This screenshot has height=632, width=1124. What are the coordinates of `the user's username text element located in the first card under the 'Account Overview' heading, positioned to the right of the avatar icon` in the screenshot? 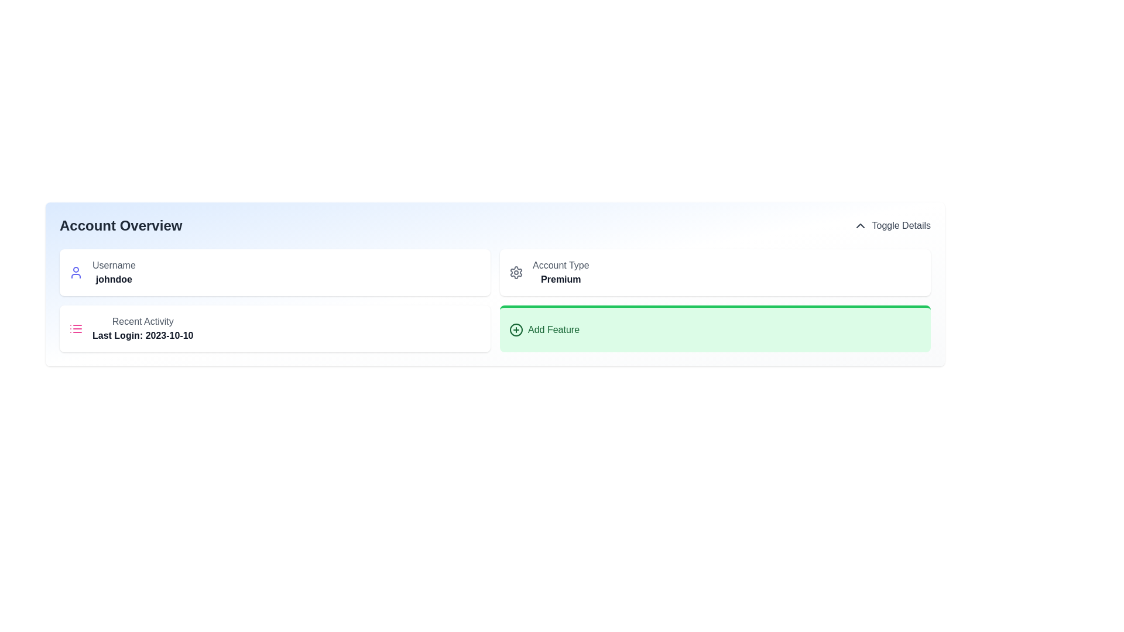 It's located at (114, 273).